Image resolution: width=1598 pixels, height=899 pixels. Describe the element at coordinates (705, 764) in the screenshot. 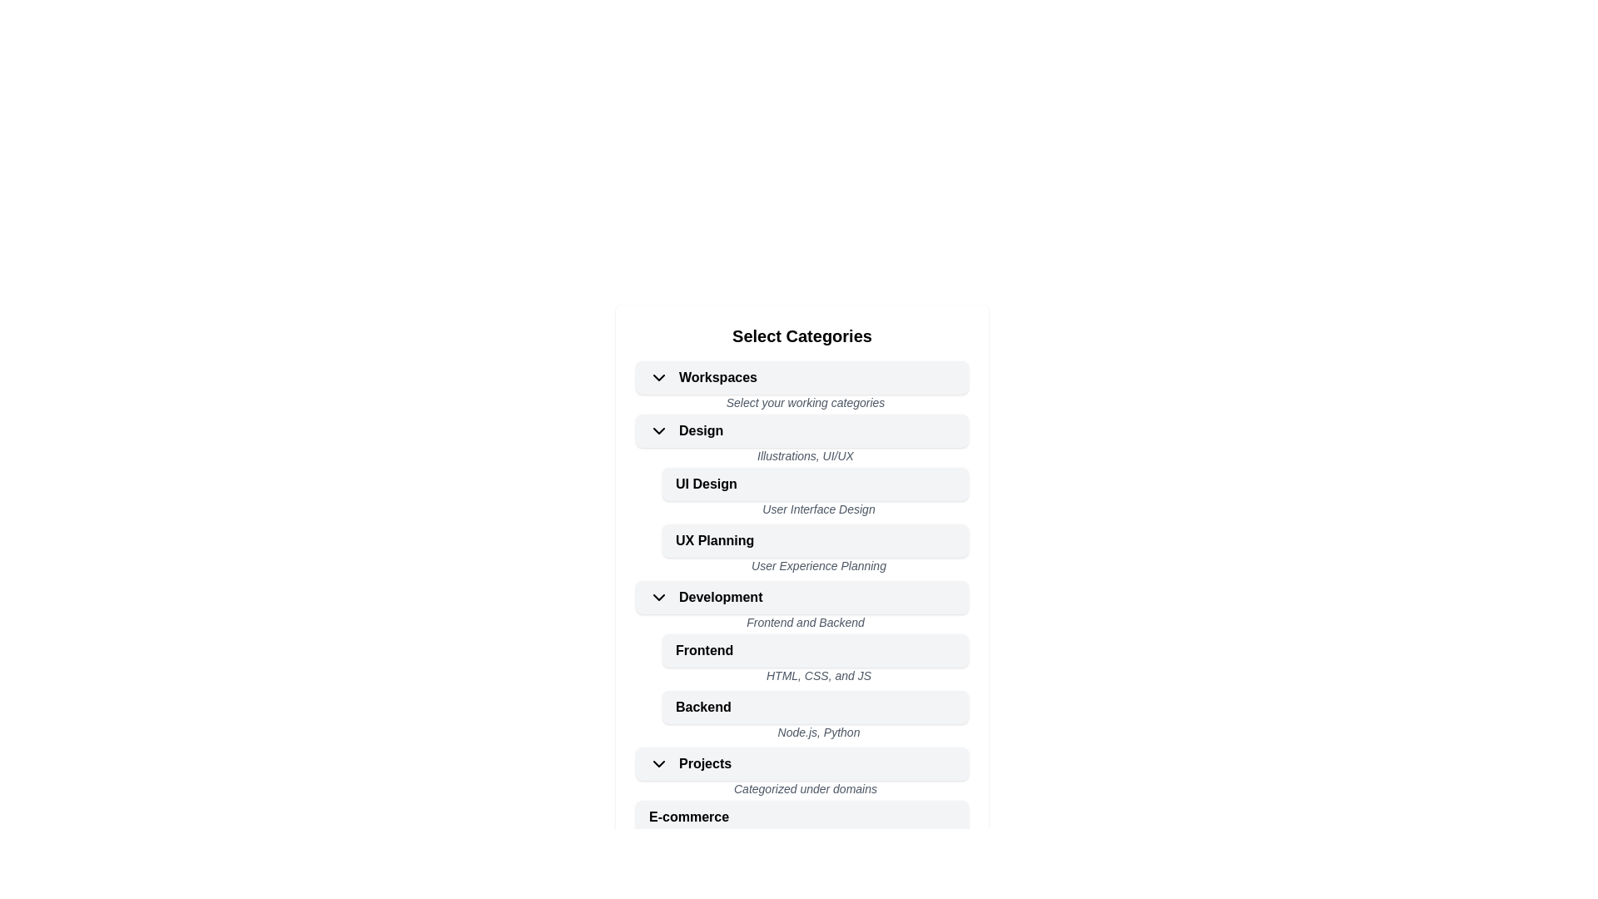

I see `the text label indicating a category or title within the 'Projects' dropdown menu, positioned after a chevron-down icon` at that location.